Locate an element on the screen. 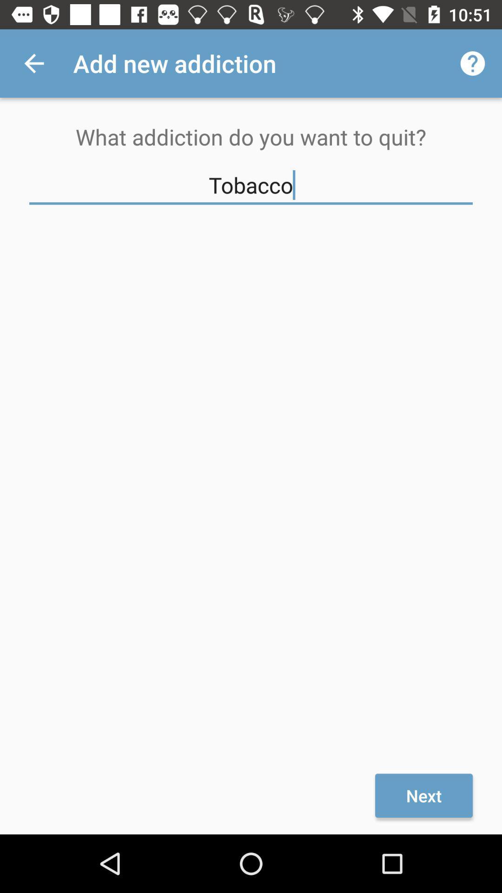 This screenshot has height=893, width=502. icon below the tobacco is located at coordinates (423, 795).